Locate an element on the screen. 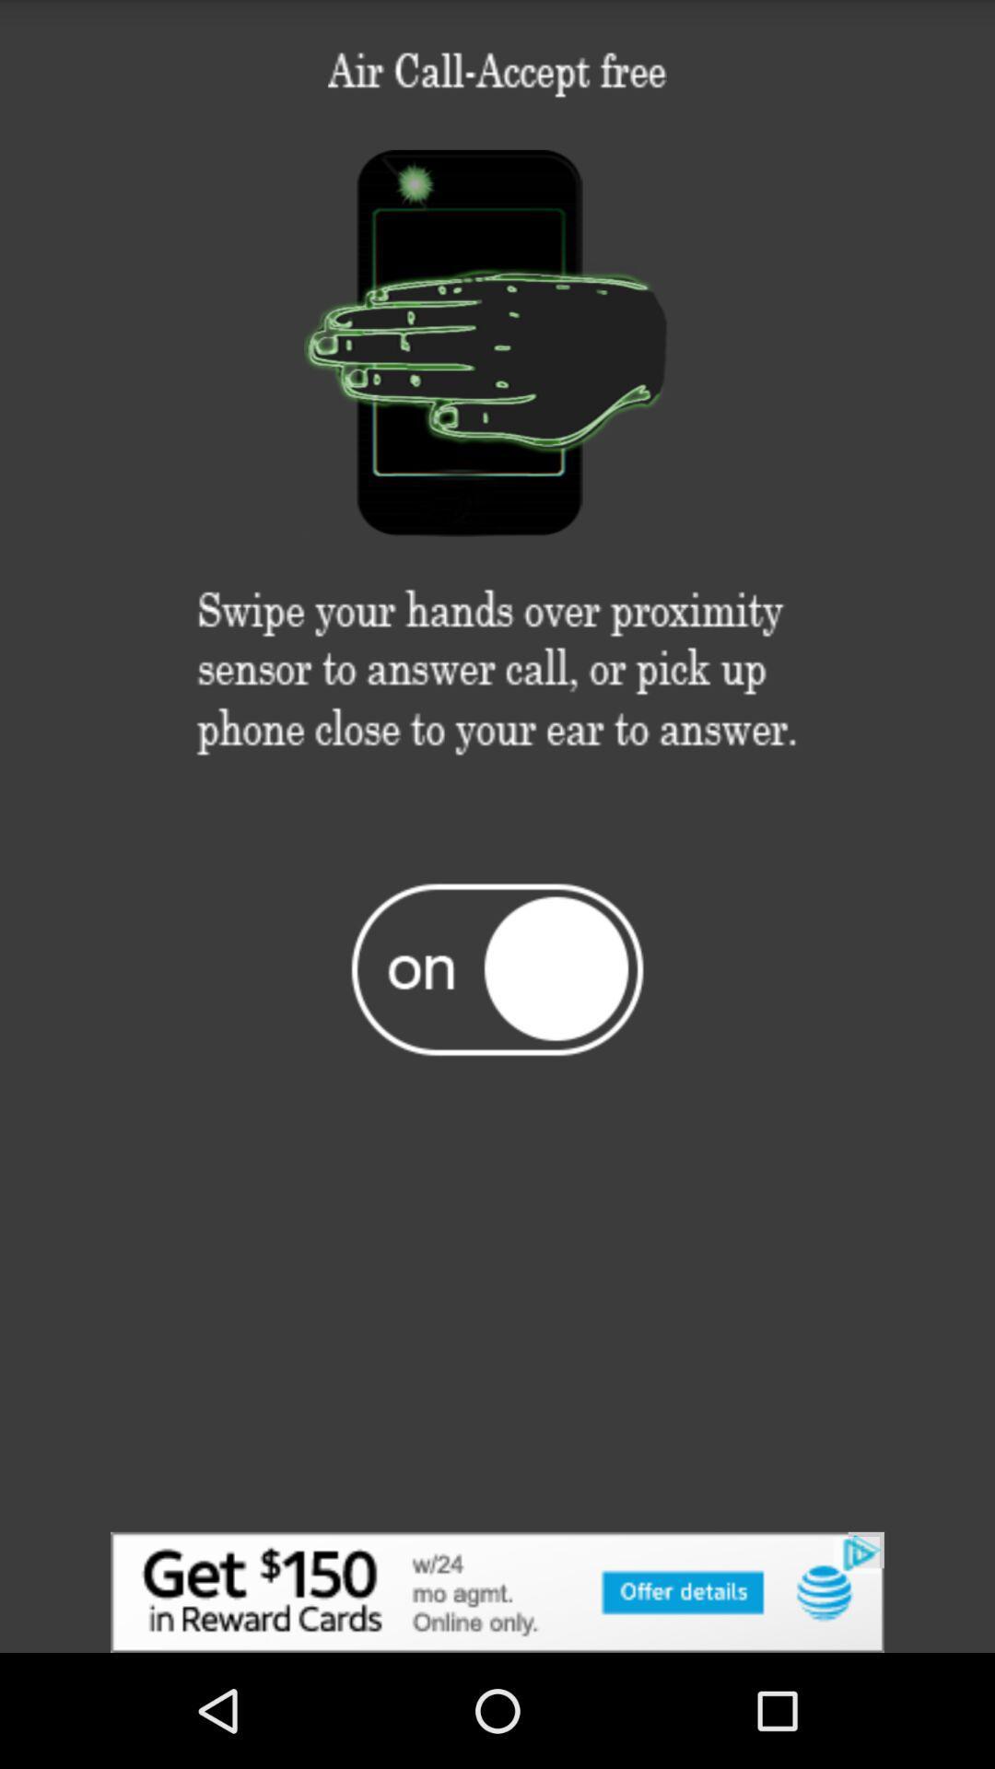  on/off control is located at coordinates (497, 967).